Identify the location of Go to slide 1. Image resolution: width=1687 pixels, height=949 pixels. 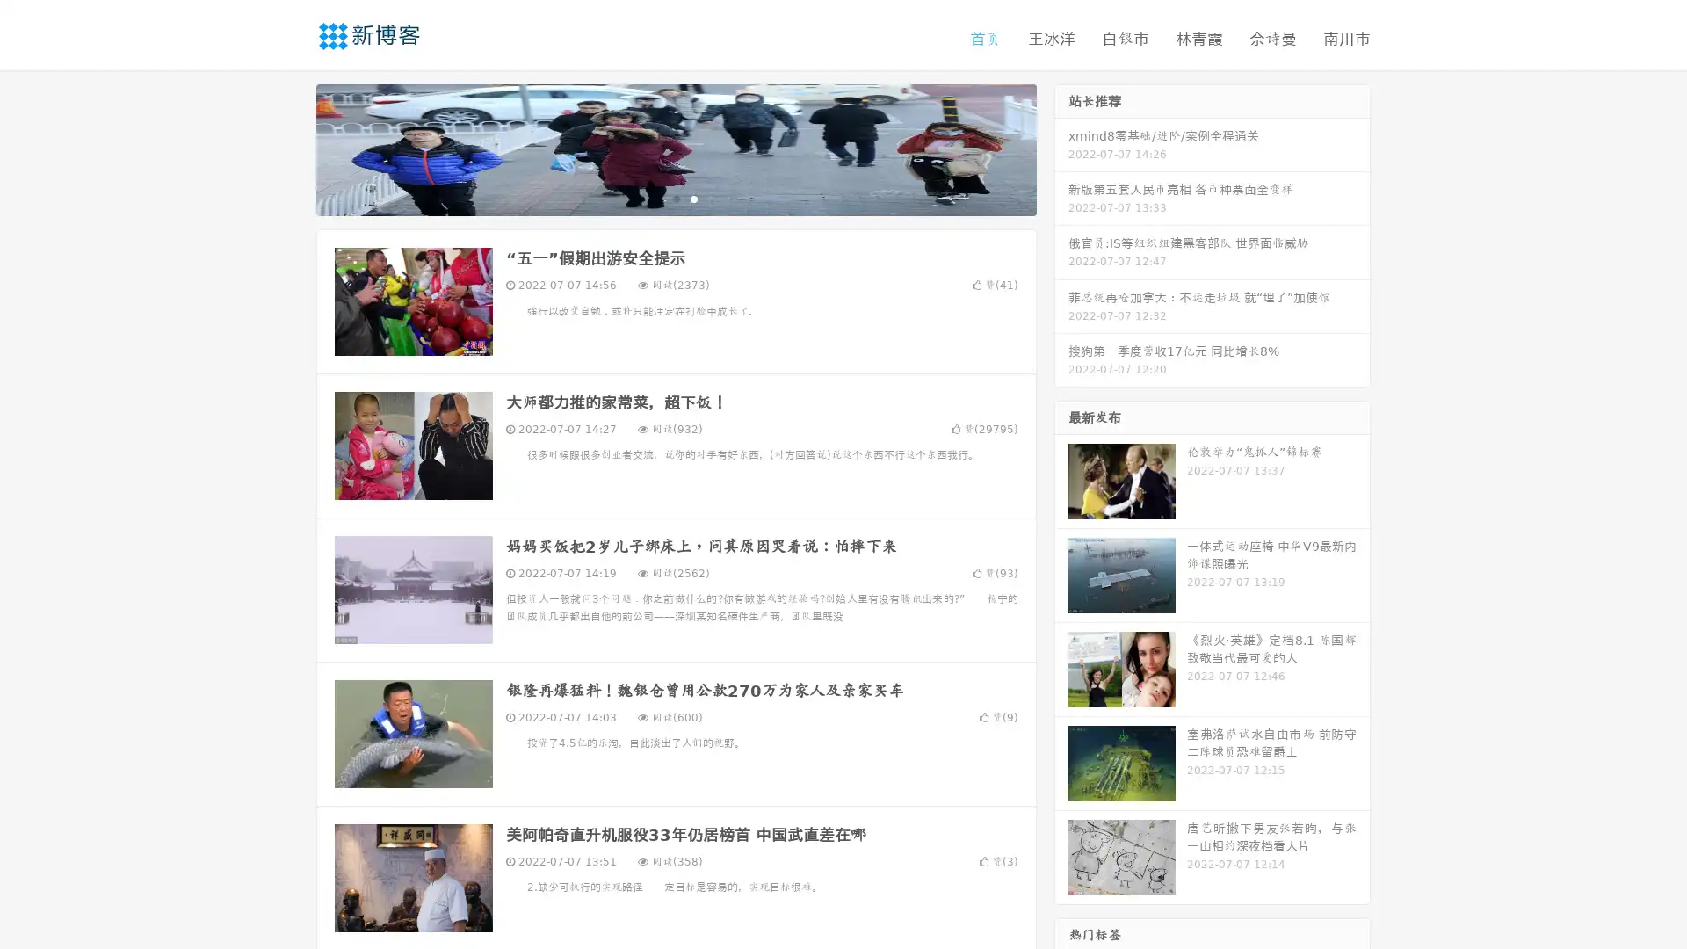
(657, 198).